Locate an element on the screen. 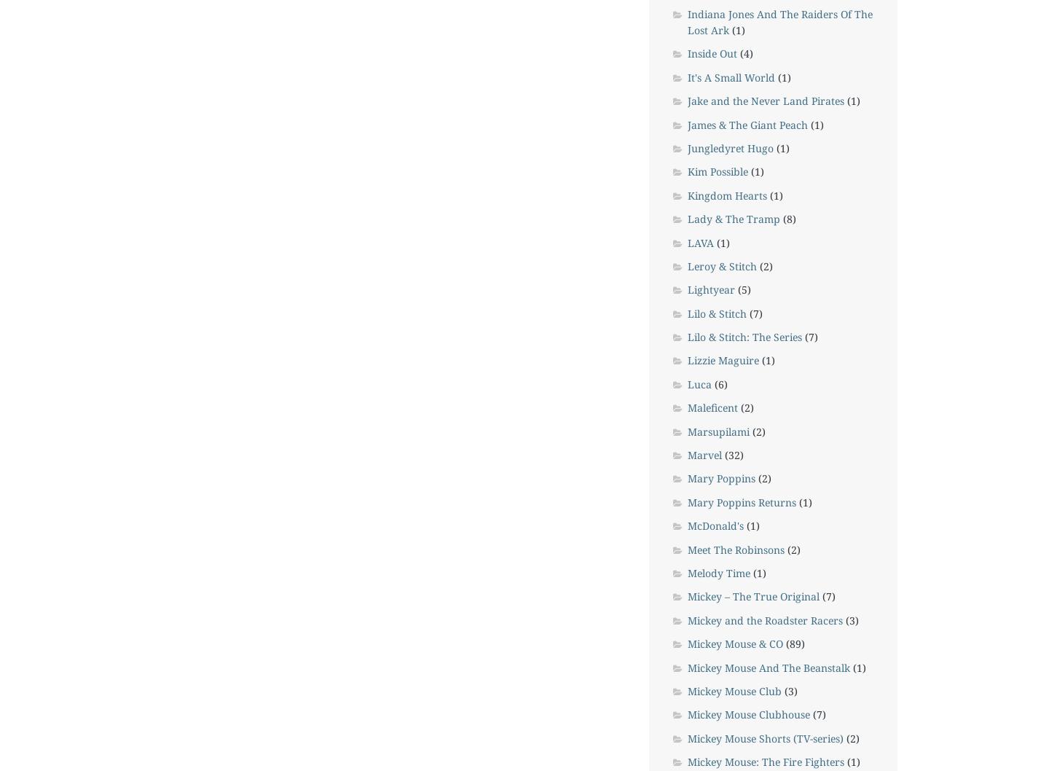  '(32)' is located at coordinates (720, 454).